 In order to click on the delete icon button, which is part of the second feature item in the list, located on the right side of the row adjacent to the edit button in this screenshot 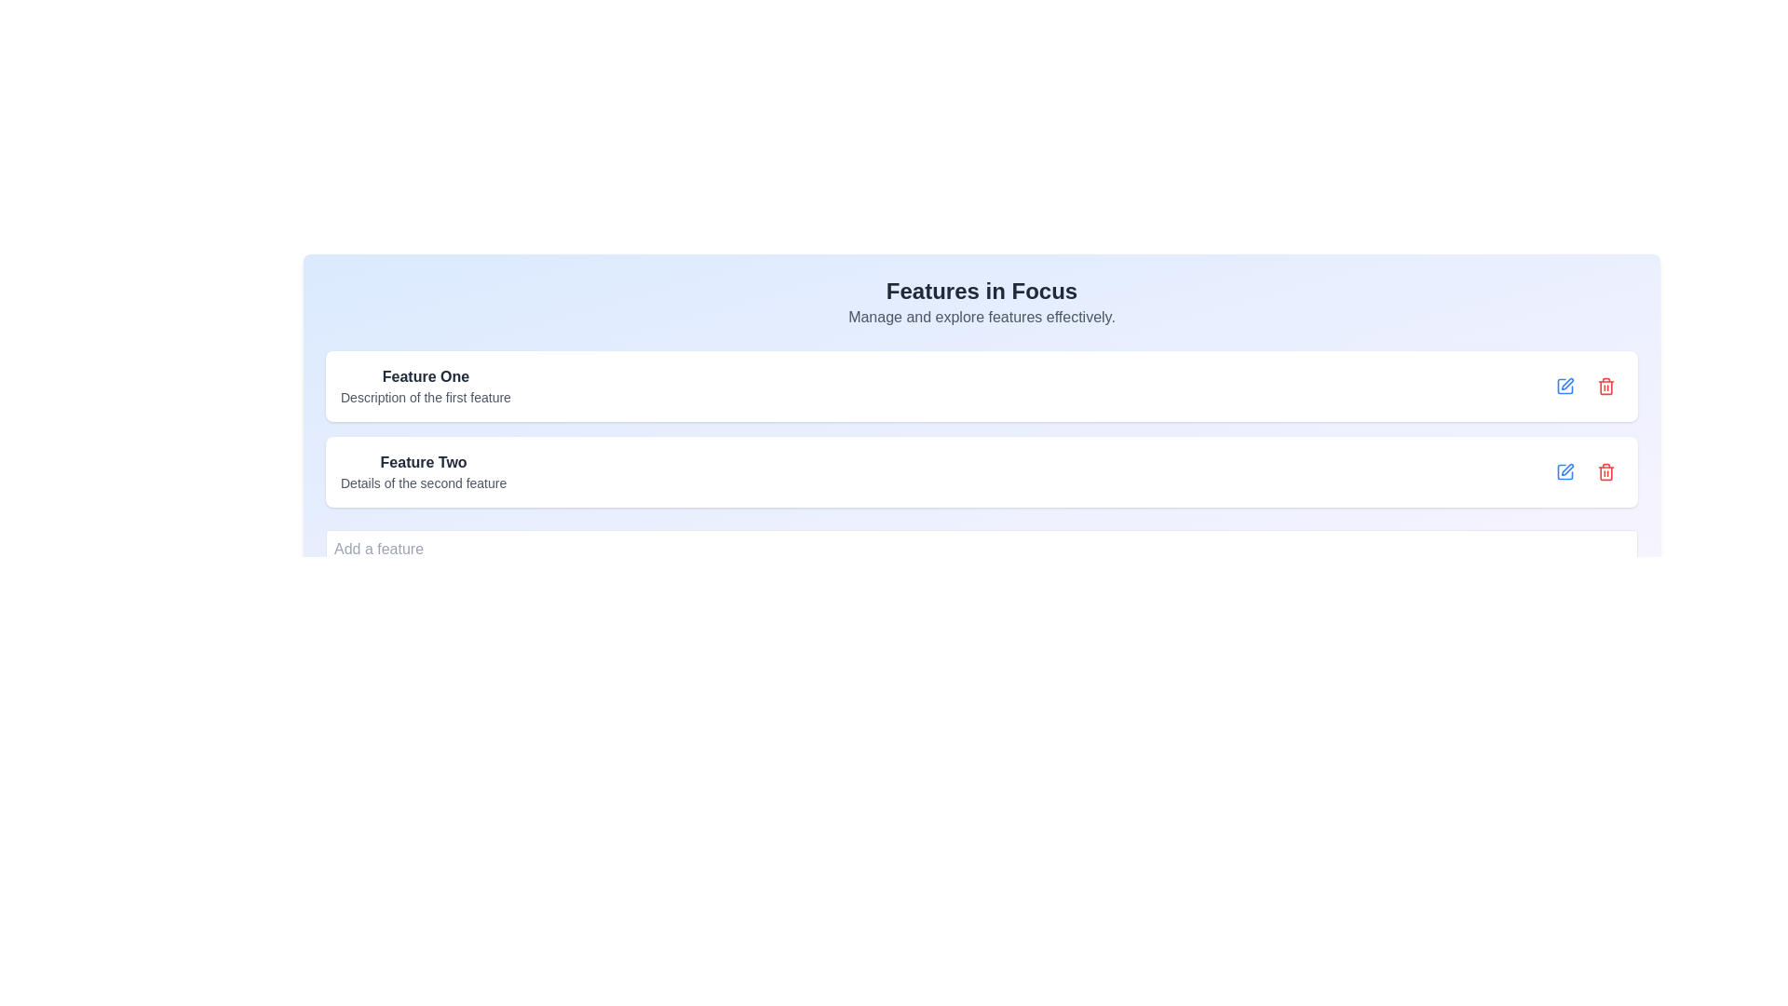, I will do `click(1605, 470)`.